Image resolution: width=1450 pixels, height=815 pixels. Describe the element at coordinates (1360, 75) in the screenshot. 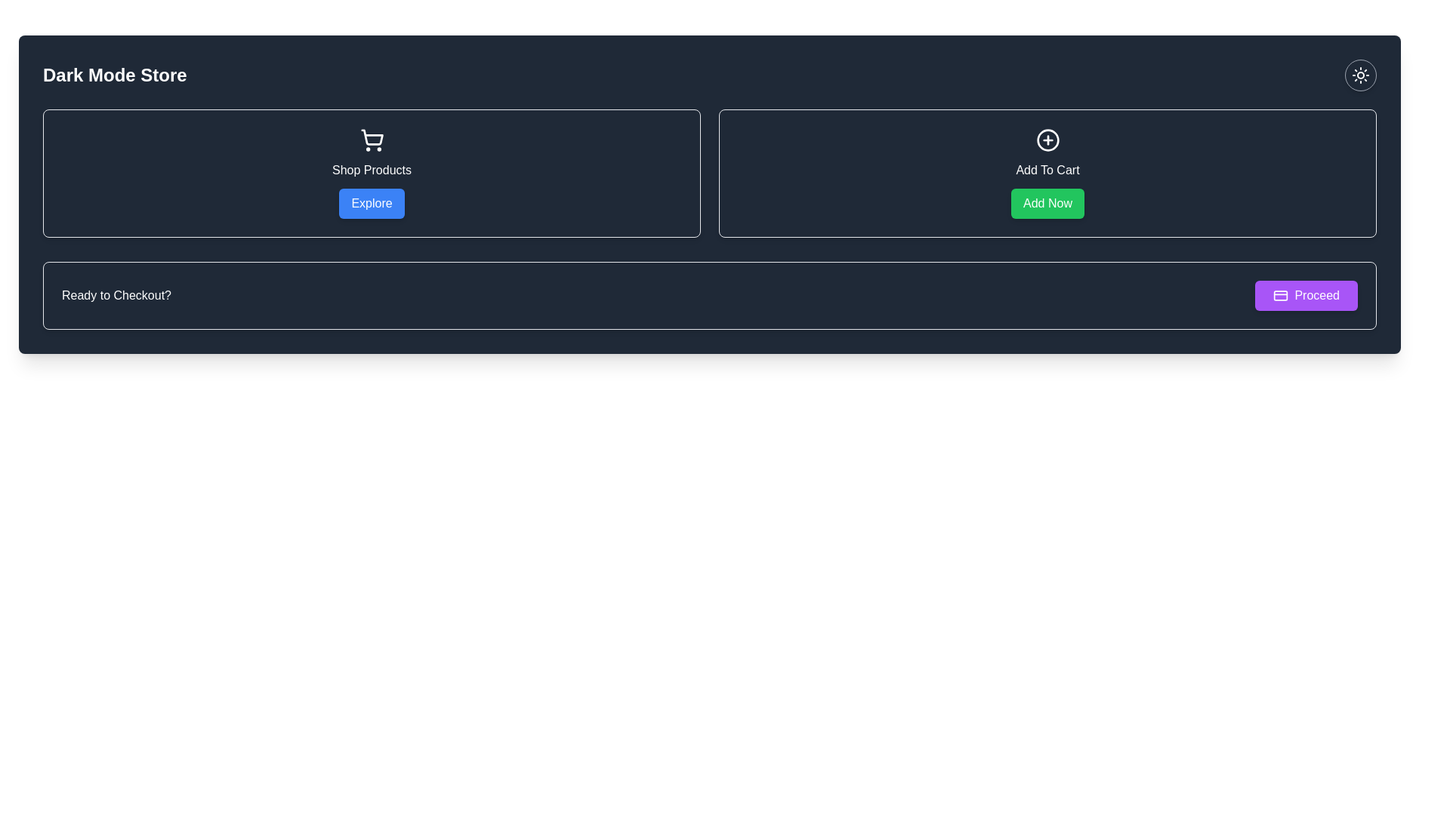

I see `the button located at the top right corner of the header bar, next to the 'Dark Mode Store' text` at that location.